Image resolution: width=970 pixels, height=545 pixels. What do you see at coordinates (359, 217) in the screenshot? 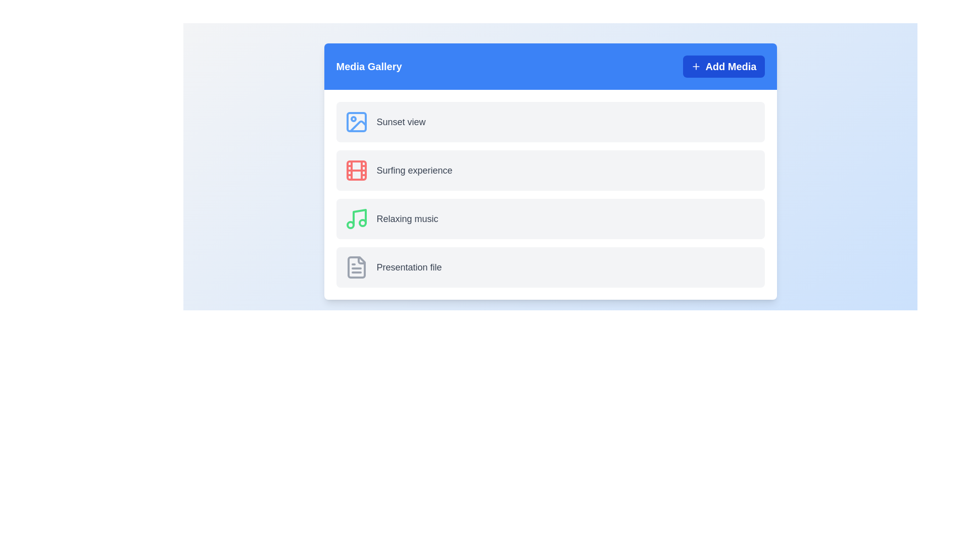
I see `the internal detail of the green music icon representing the entry 'Relaxing music' in the third position of the vertical list under the 'Media Gallery' header` at bounding box center [359, 217].